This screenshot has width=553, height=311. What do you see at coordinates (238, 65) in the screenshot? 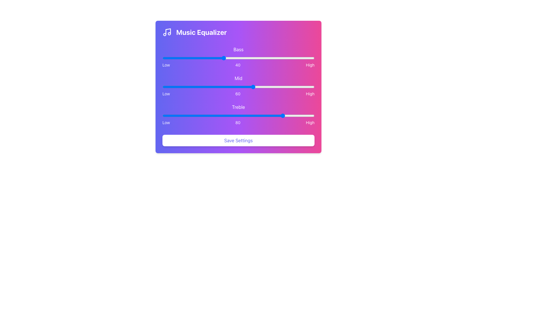
I see `the static text label that displays contextual information for the 'Bass' slider, indicating 'Low', '40', and 'High'` at bounding box center [238, 65].